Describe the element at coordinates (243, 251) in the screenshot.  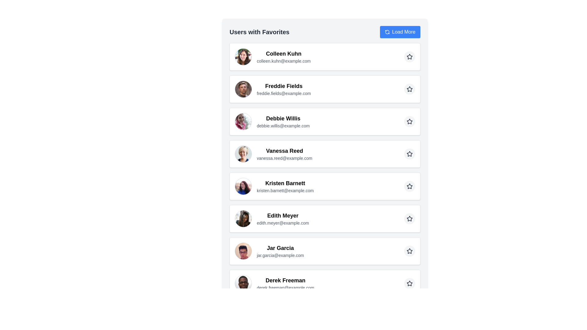
I see `the circular user avatar that depicts a profile picture of an individual, located on the left side of the row` at that location.